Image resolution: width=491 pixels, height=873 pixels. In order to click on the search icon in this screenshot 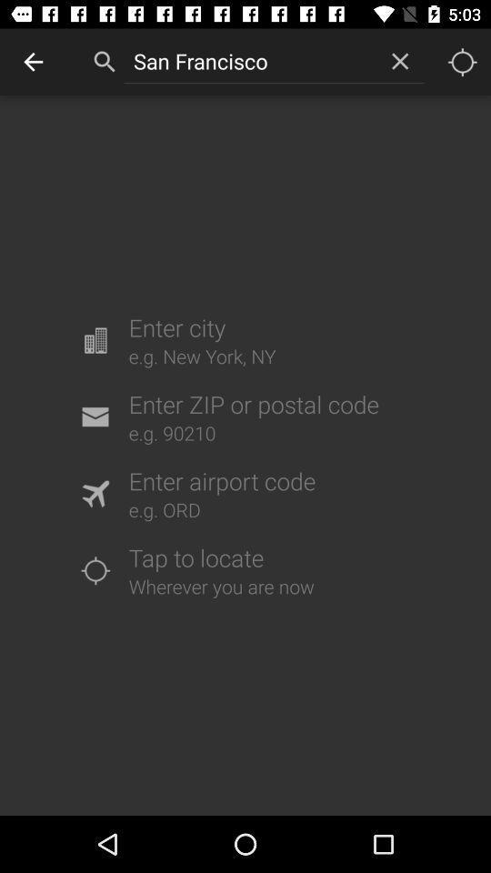, I will do `click(105, 62)`.